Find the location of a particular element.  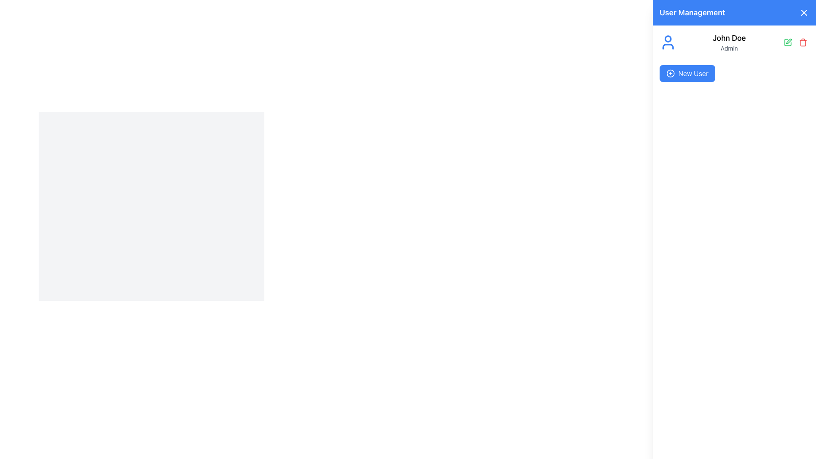

the user icon styled as an SVG graphic with a blue color, located prominently to the left of the 'John Doe' label in the user management section is located at coordinates (667, 42).